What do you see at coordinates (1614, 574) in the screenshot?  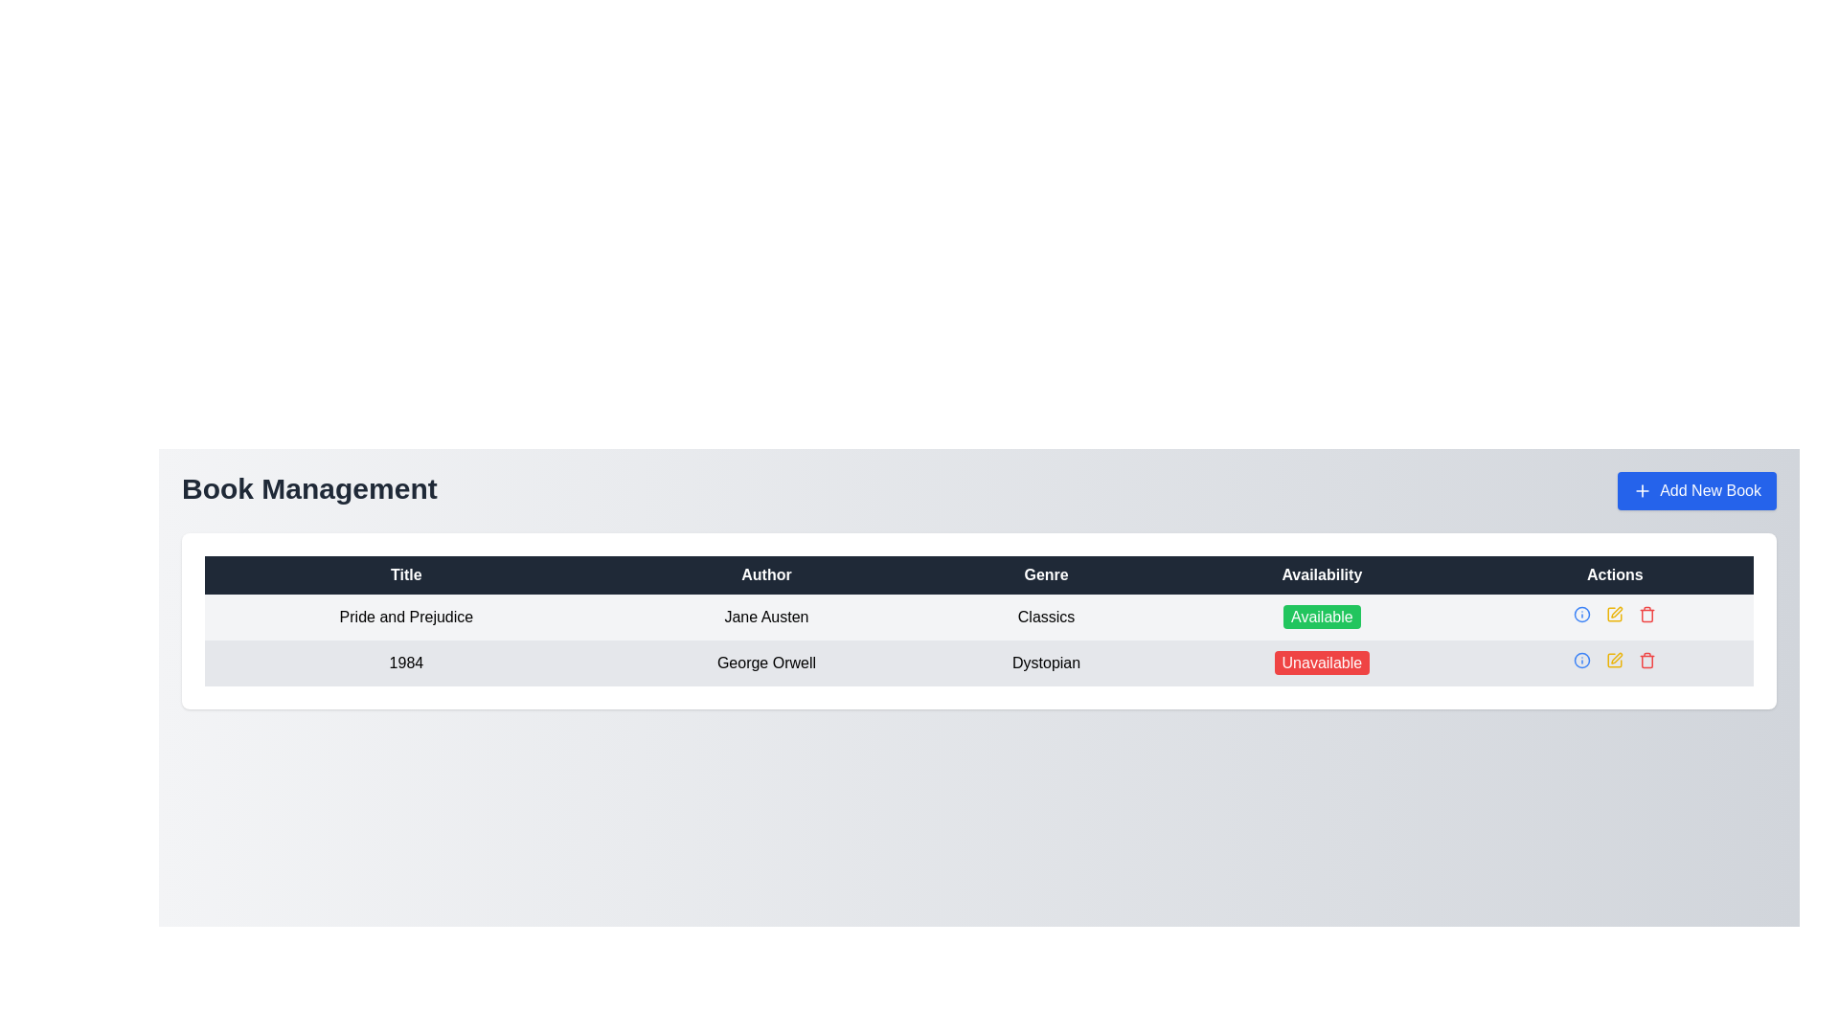 I see `the 'Actions' table header cell, which is styled in white text on a dark navy blue background, located in the last column of the header row of the table` at bounding box center [1614, 574].